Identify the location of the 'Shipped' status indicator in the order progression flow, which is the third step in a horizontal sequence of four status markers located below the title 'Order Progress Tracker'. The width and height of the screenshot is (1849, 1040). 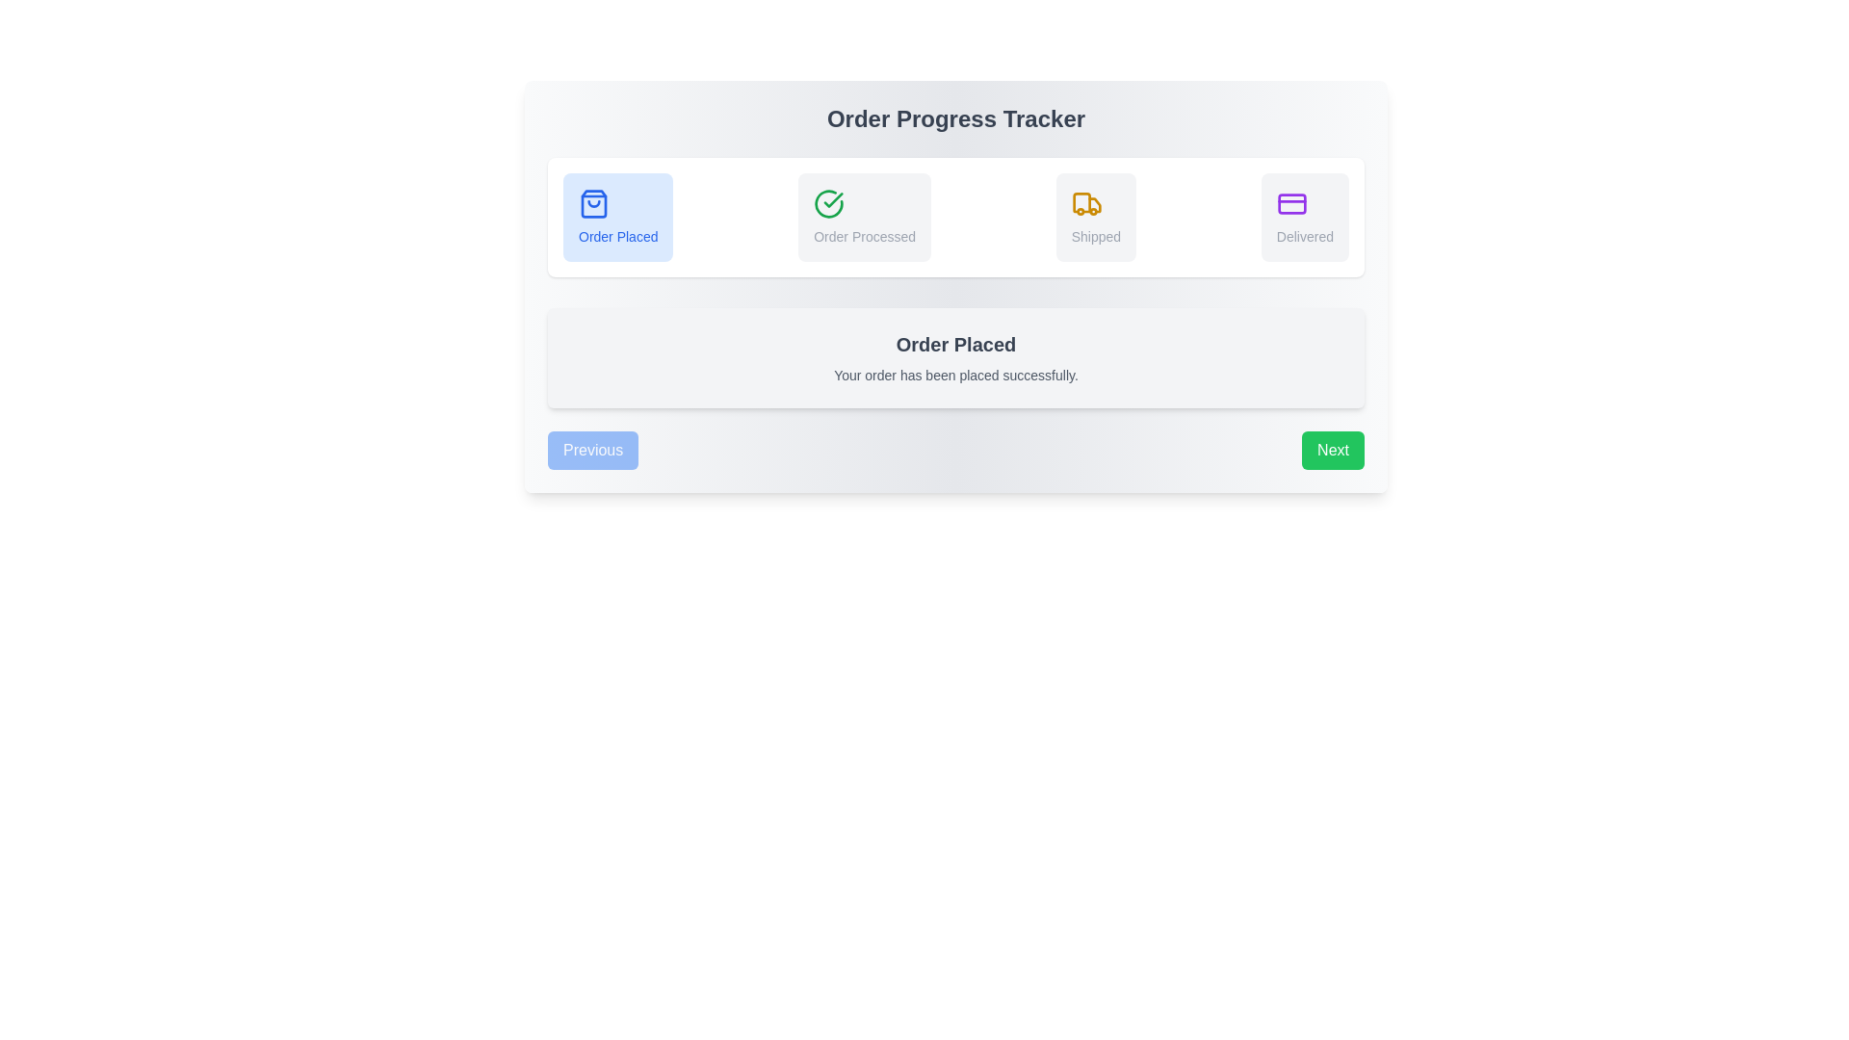
(1096, 217).